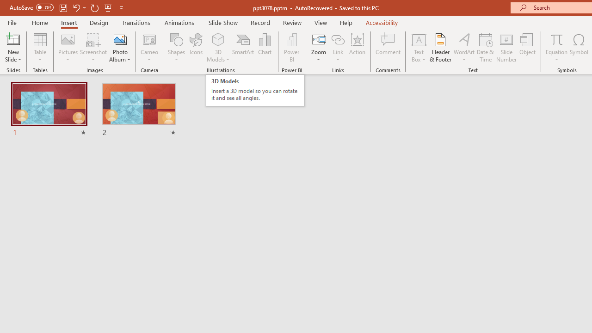 Image resolution: width=592 pixels, height=333 pixels. I want to click on 'Symbol...', so click(579, 48).